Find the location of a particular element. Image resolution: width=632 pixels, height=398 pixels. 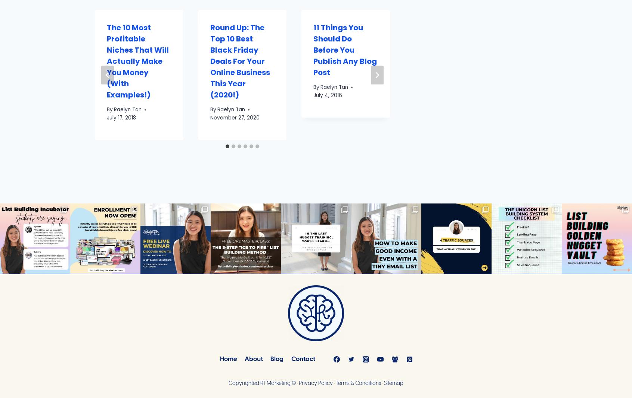

'Sitemap' is located at coordinates (393, 383).